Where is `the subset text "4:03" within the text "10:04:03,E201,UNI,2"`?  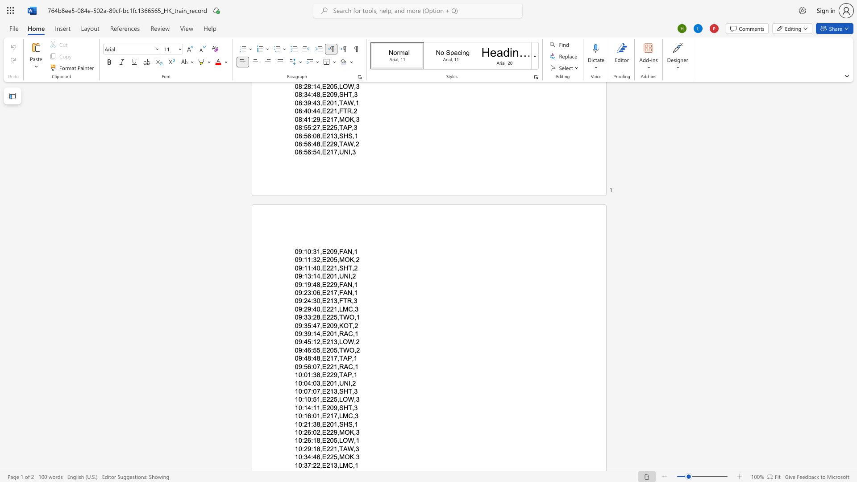 the subset text "4:03" within the text "10:04:03,E201,UNI,2" is located at coordinates (308, 382).